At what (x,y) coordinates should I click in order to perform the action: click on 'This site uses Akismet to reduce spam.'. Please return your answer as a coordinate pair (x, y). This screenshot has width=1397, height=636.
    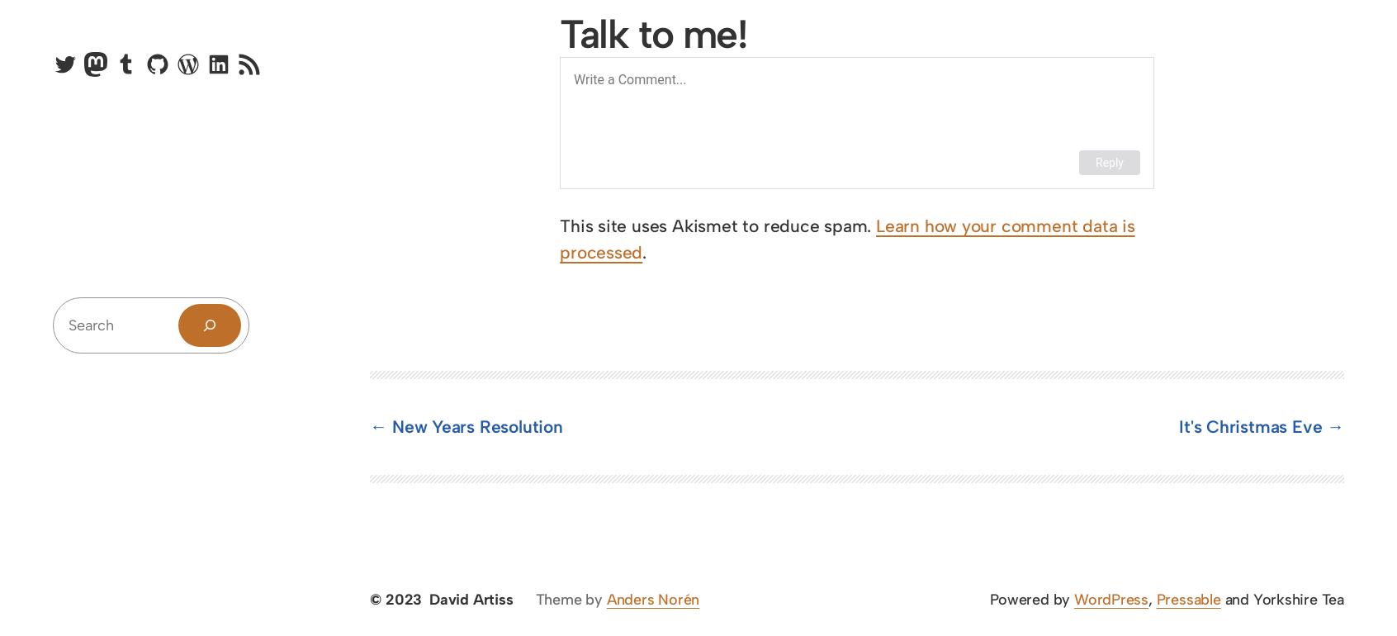
    Looking at the image, I should click on (717, 225).